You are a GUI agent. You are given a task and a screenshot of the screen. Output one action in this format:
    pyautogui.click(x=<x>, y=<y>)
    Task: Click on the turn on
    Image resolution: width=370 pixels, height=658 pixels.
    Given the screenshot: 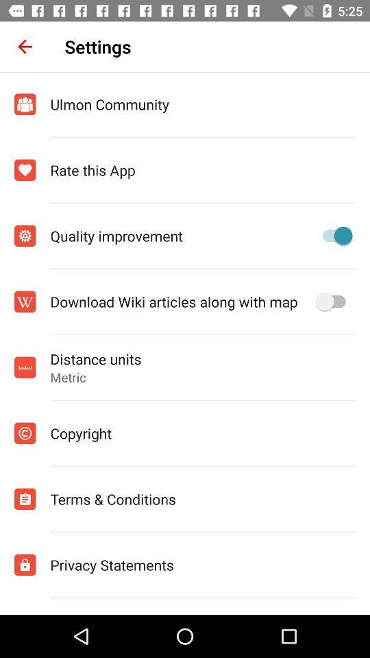 What is the action you would take?
    pyautogui.click(x=333, y=236)
    